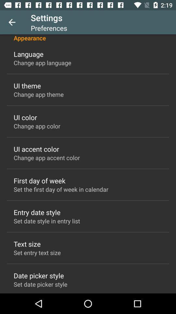 Image resolution: width=176 pixels, height=314 pixels. Describe the element at coordinates (61, 189) in the screenshot. I see `the item above the entry date style item` at that location.